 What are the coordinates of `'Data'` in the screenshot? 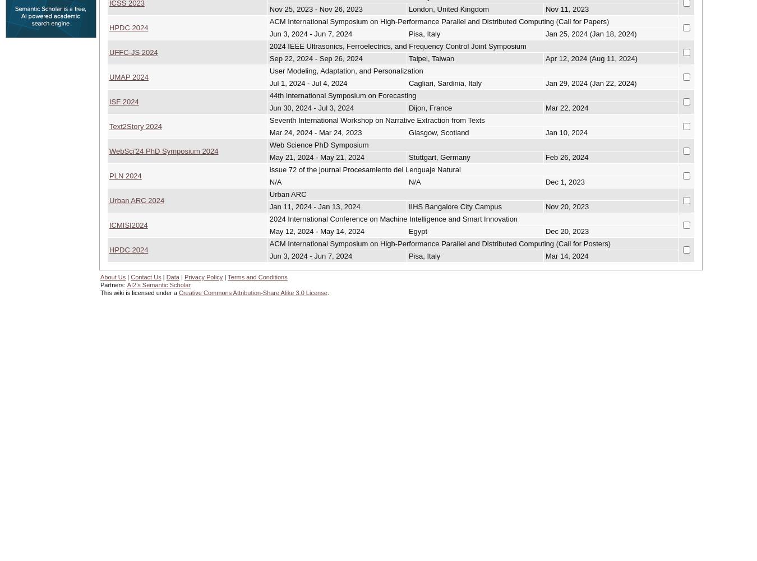 It's located at (172, 276).